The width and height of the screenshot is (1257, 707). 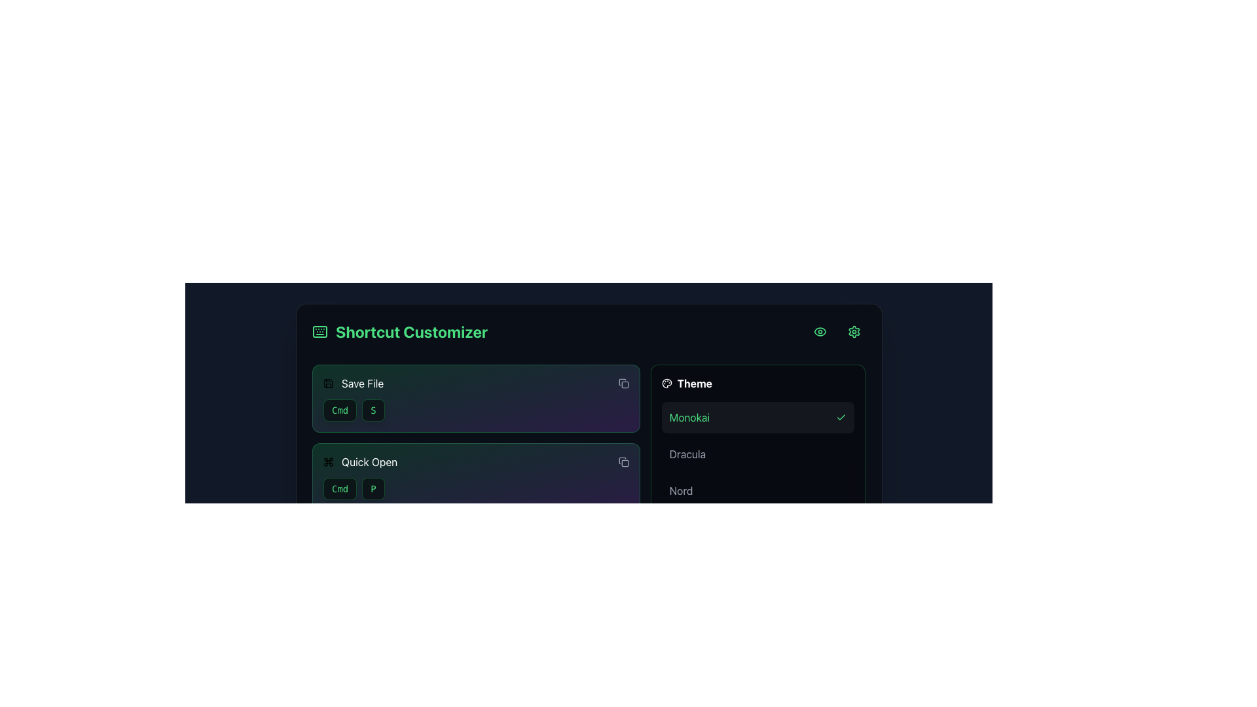 What do you see at coordinates (360, 461) in the screenshot?
I see `the 'Quick Open' label with the command icon to associate it with its paired shortcut button` at bounding box center [360, 461].